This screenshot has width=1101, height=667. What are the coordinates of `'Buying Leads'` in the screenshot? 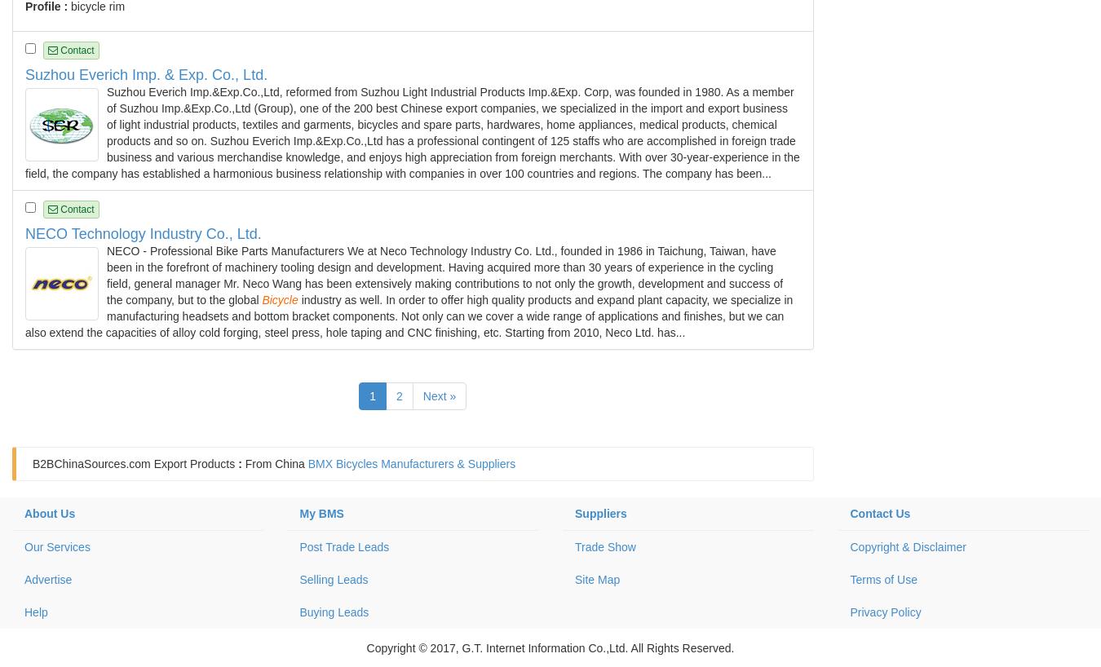 It's located at (334, 612).